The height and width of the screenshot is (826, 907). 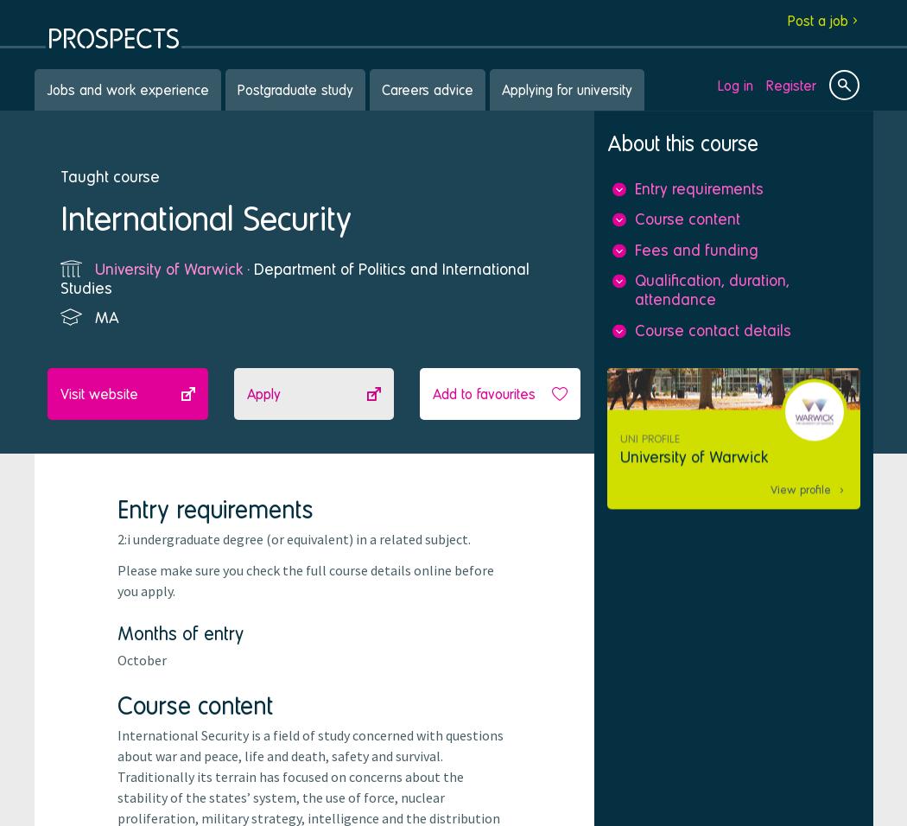 What do you see at coordinates (791, 83) in the screenshot?
I see `'Register'` at bounding box center [791, 83].